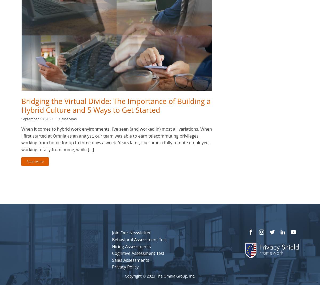  Describe the element at coordinates (112, 267) in the screenshot. I see `'Privacy Policy'` at that location.